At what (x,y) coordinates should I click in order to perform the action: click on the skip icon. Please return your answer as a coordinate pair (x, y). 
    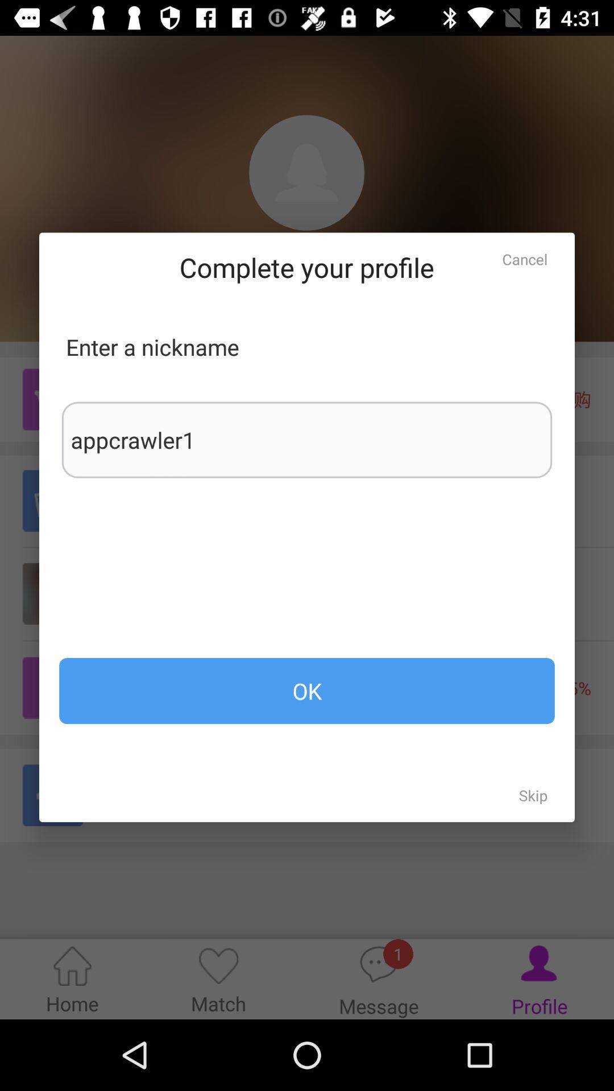
    Looking at the image, I should click on (533, 794).